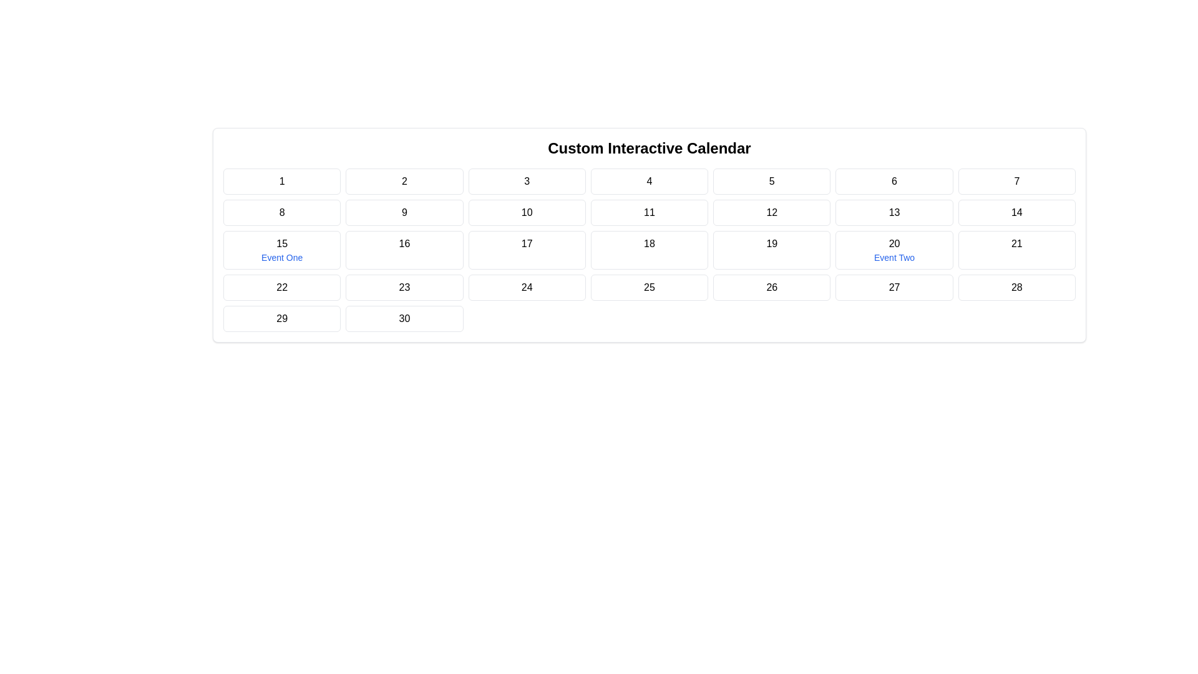  Describe the element at coordinates (894, 181) in the screenshot. I see `the label displaying the number '6', which is the sixth cell in the first row of a grid layout` at that location.